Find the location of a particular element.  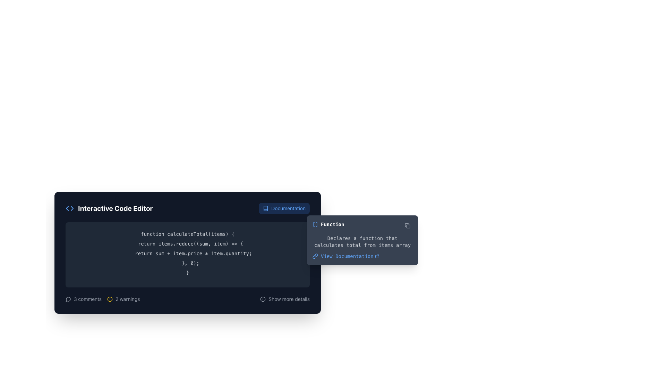

the second visible line in the code block of the Interactive Code Editor that displays JavaScript code implementing a reducer concept is located at coordinates (188, 243).